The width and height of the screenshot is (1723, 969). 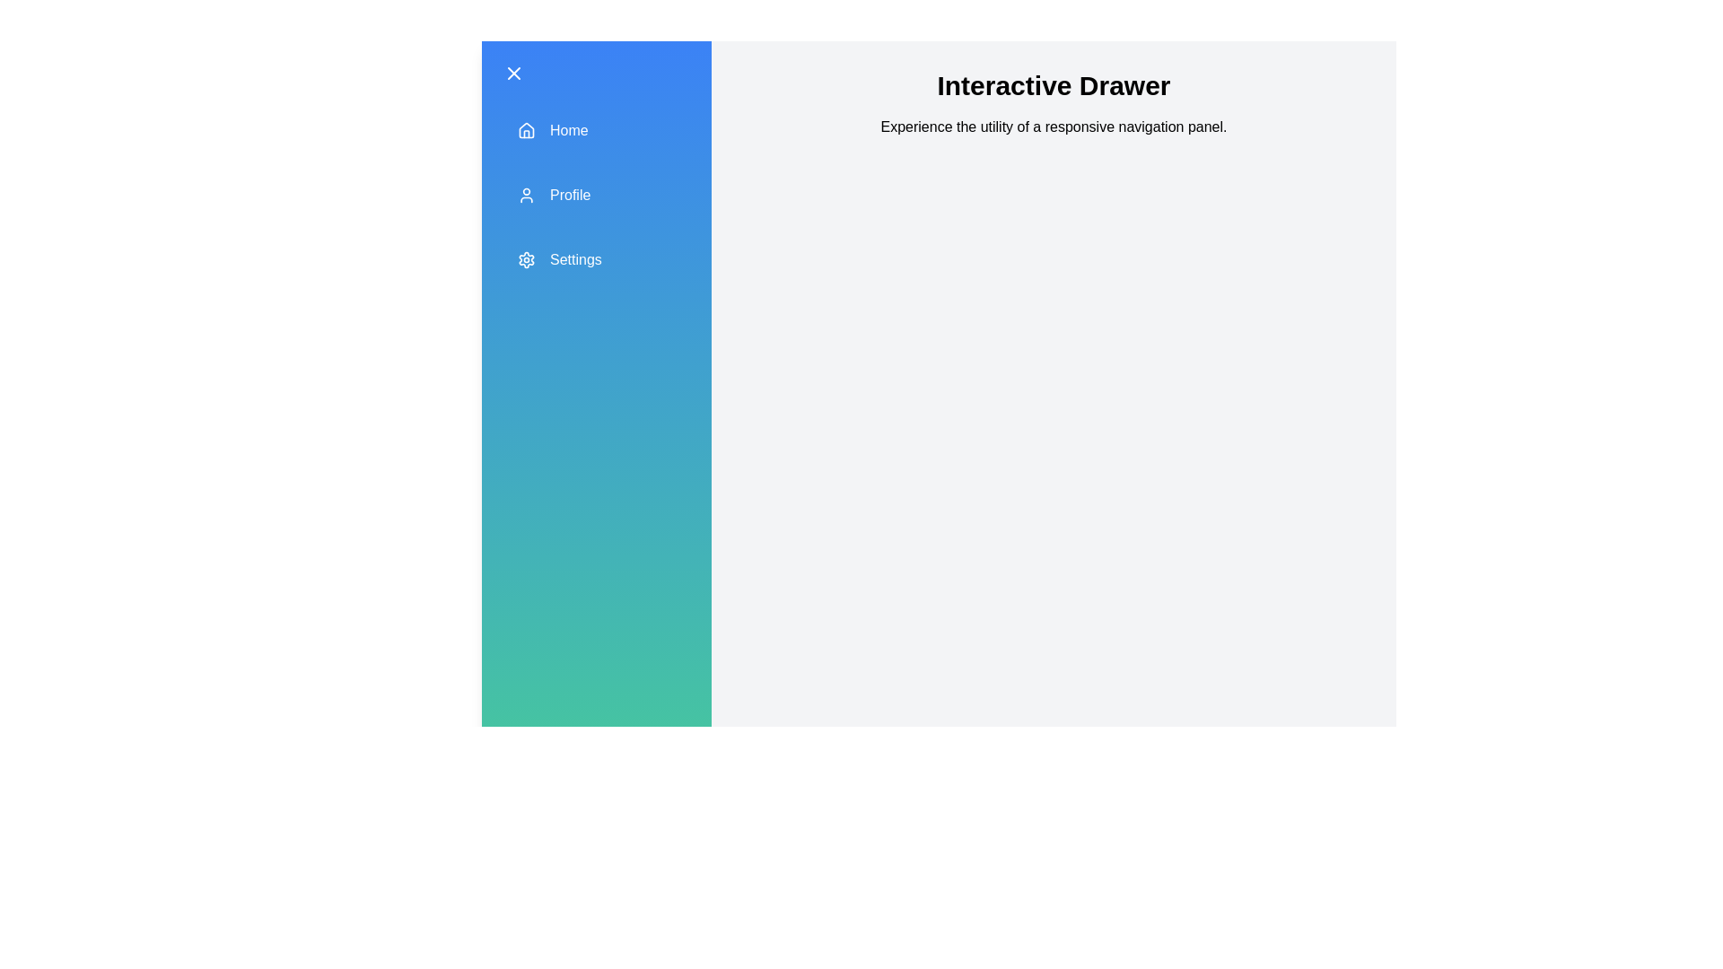 I want to click on the button with the X icon to toggle the drawer visibility, so click(x=512, y=72).